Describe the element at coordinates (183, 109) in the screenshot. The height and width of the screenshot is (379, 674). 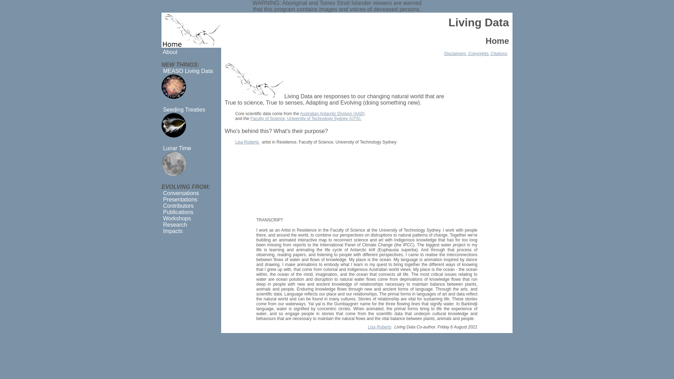
I see `' Seeding Treaties'` at that location.